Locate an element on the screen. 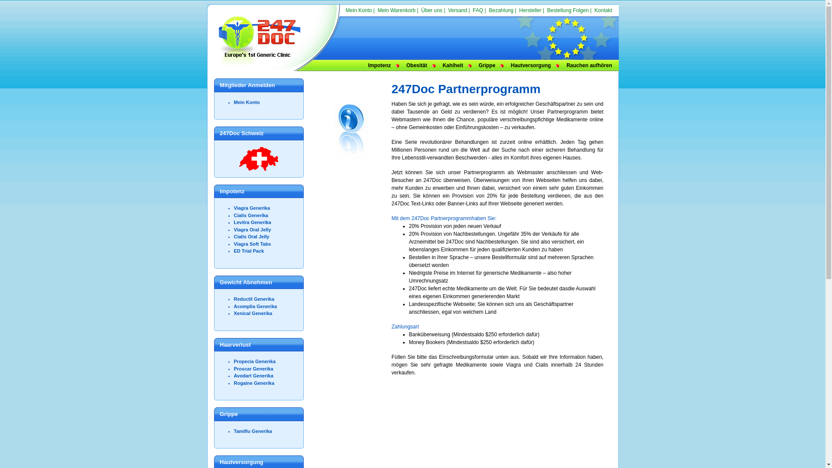  'Rogaine Generika' is located at coordinates (253, 382).